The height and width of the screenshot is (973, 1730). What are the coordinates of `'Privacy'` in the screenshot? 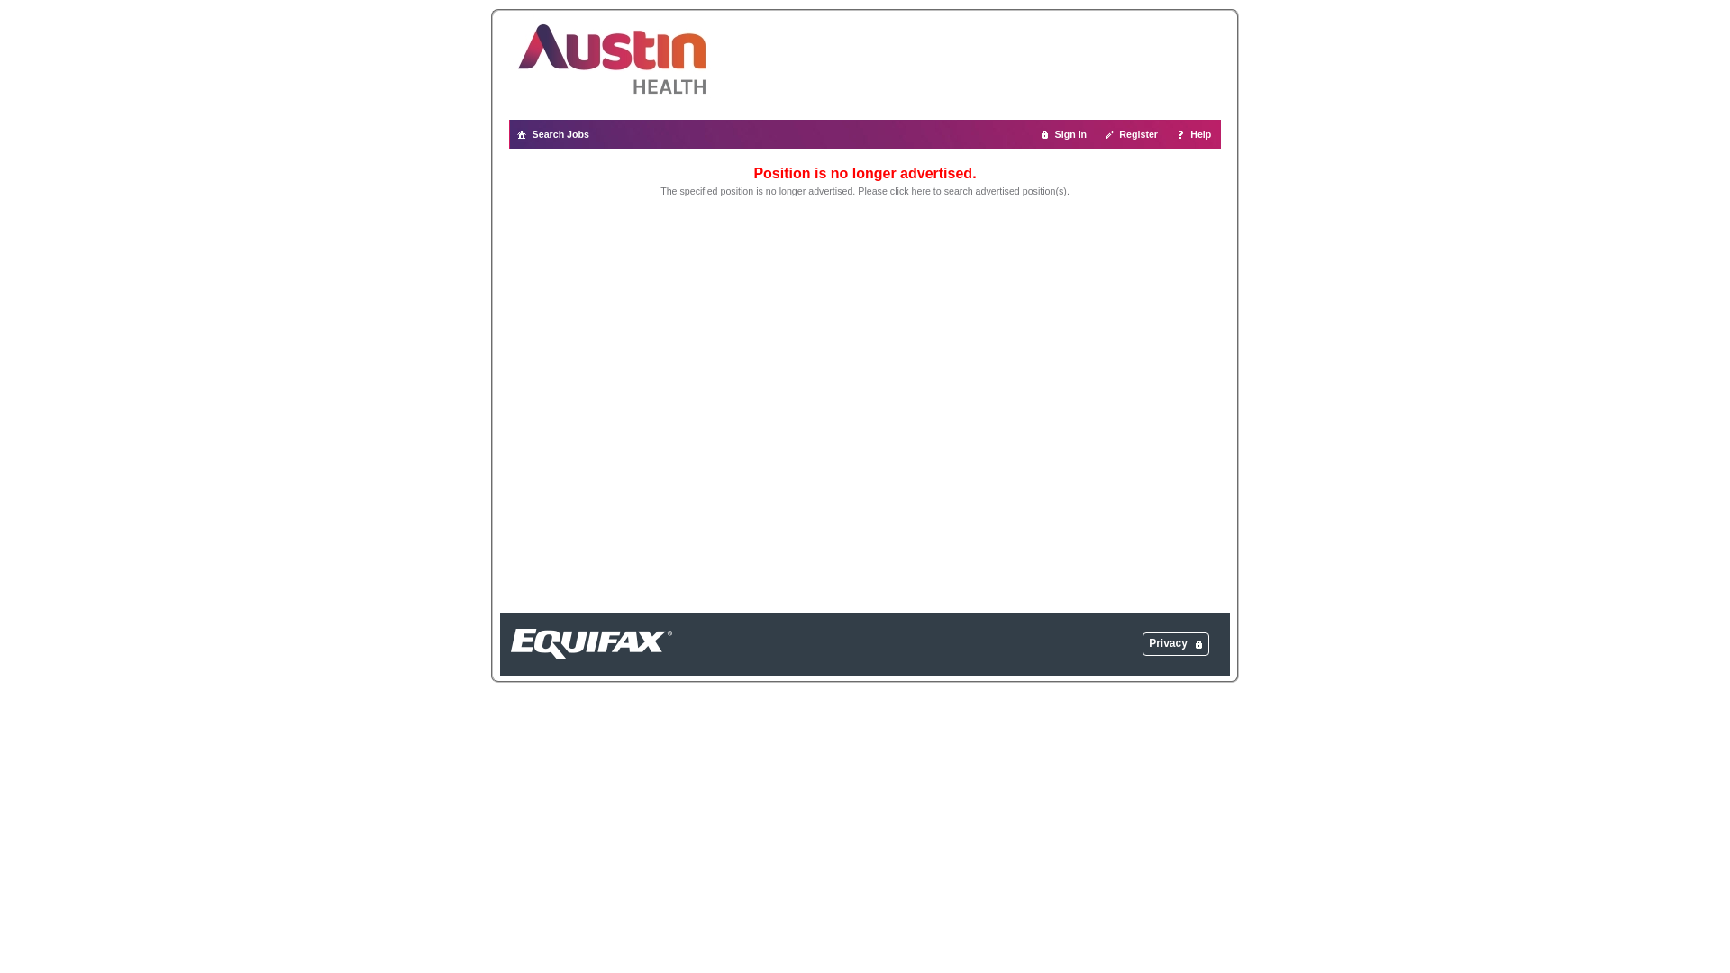 It's located at (1148, 641).